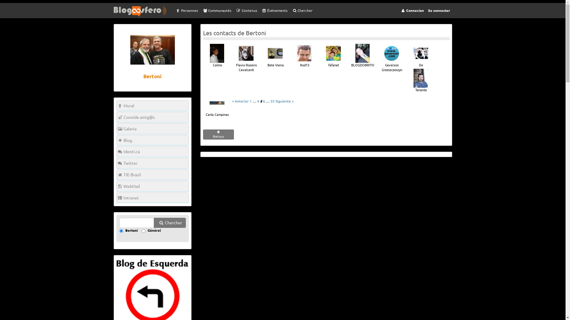  What do you see at coordinates (186, 10) in the screenshot?
I see `'Personnes'` at bounding box center [186, 10].